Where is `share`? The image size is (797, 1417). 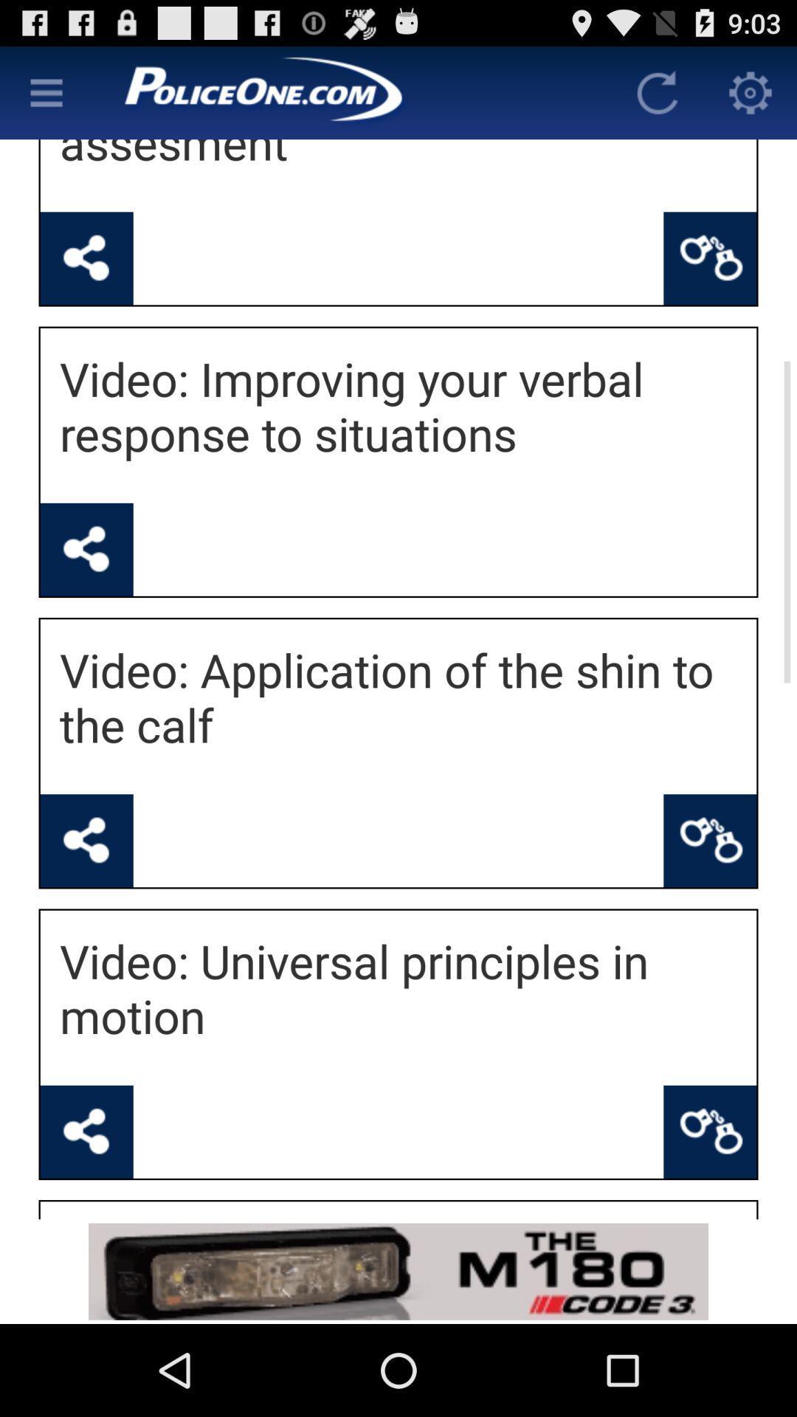
share is located at coordinates (86, 1131).